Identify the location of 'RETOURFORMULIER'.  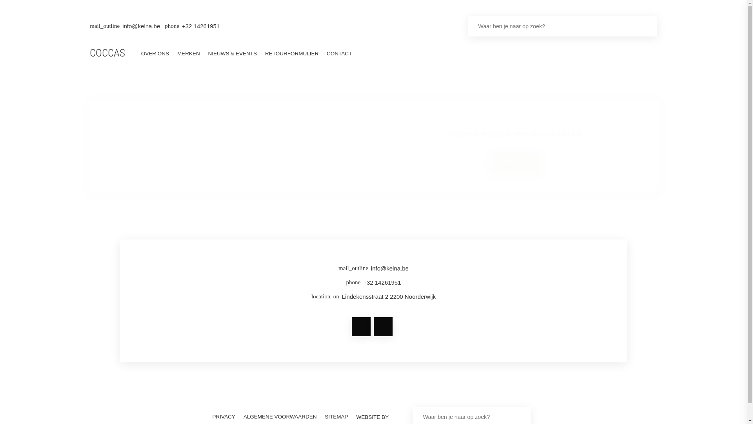
(291, 53).